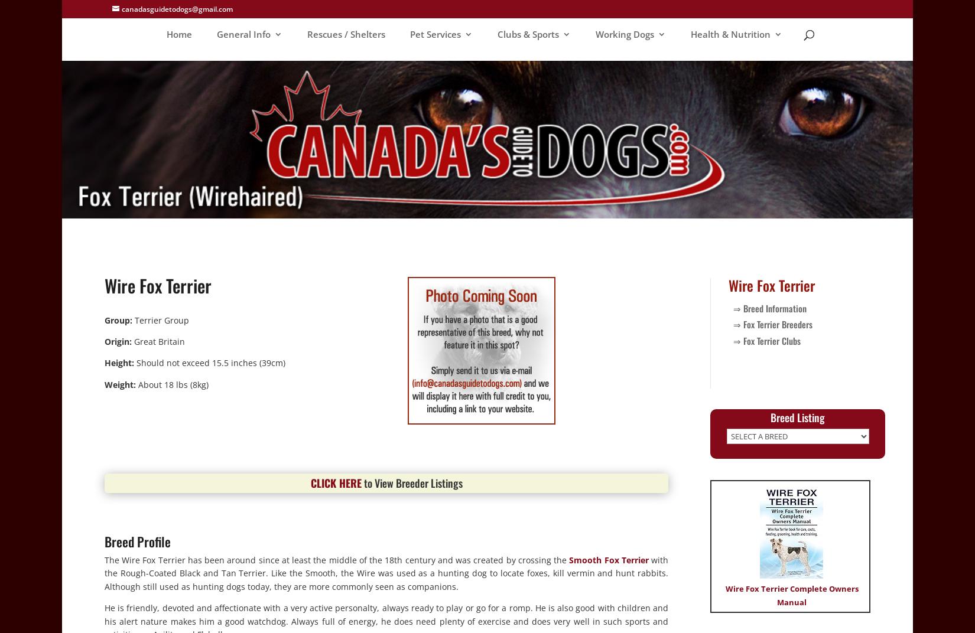  What do you see at coordinates (797, 416) in the screenshot?
I see `'Breed Listing'` at bounding box center [797, 416].